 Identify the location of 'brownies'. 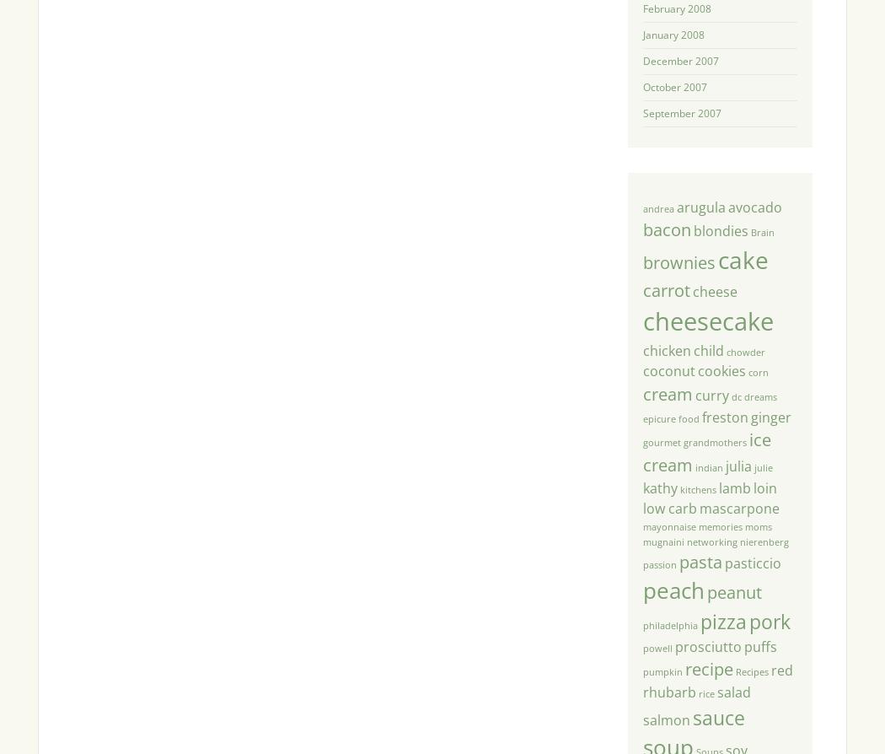
(641, 261).